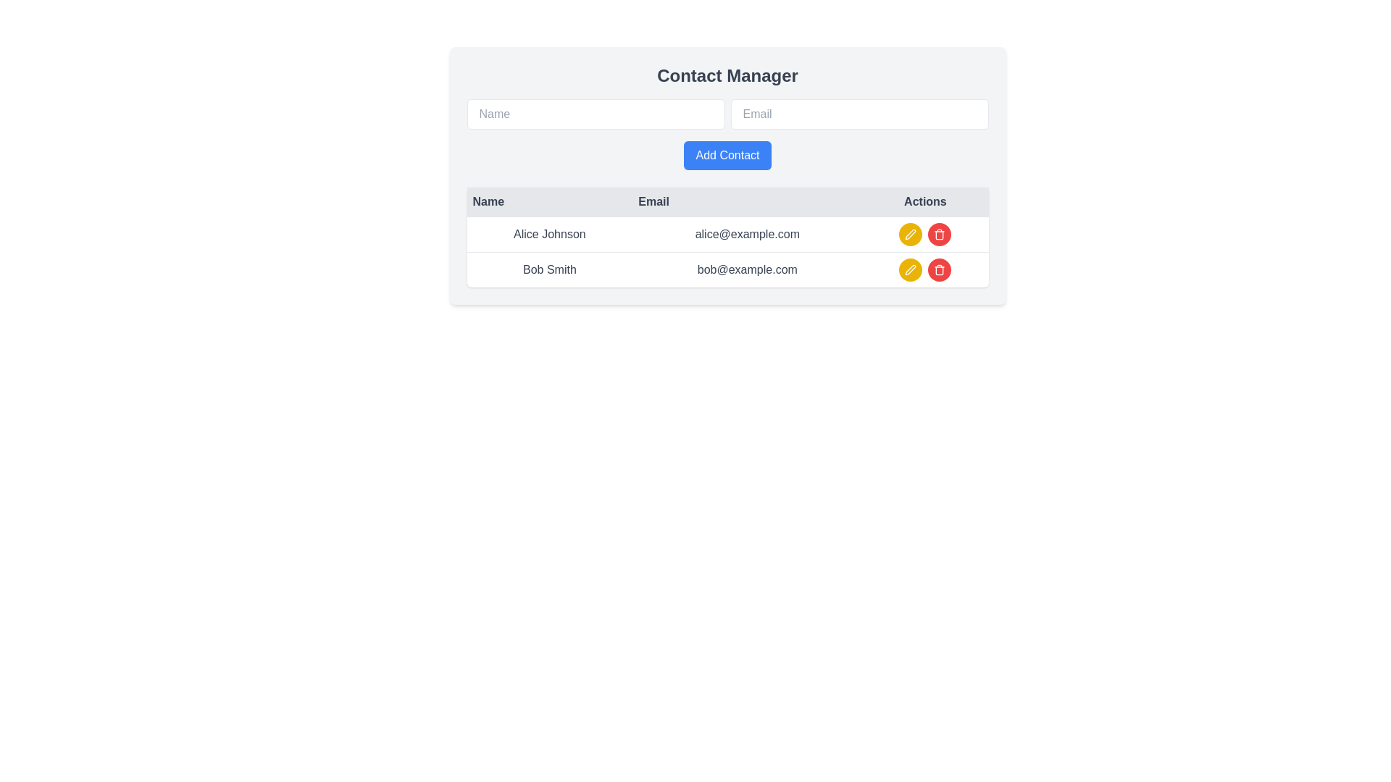  What do you see at coordinates (727, 156) in the screenshot?
I see `the blue 'Add Contact' button to observe the background color change when hovered over` at bounding box center [727, 156].